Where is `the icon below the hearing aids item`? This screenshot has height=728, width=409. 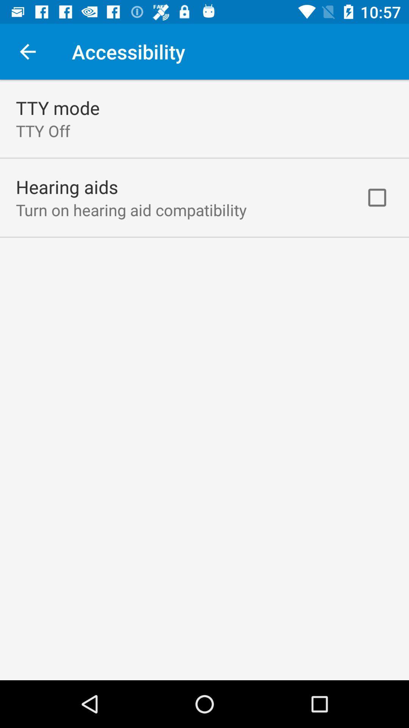
the icon below the hearing aids item is located at coordinates (131, 210).